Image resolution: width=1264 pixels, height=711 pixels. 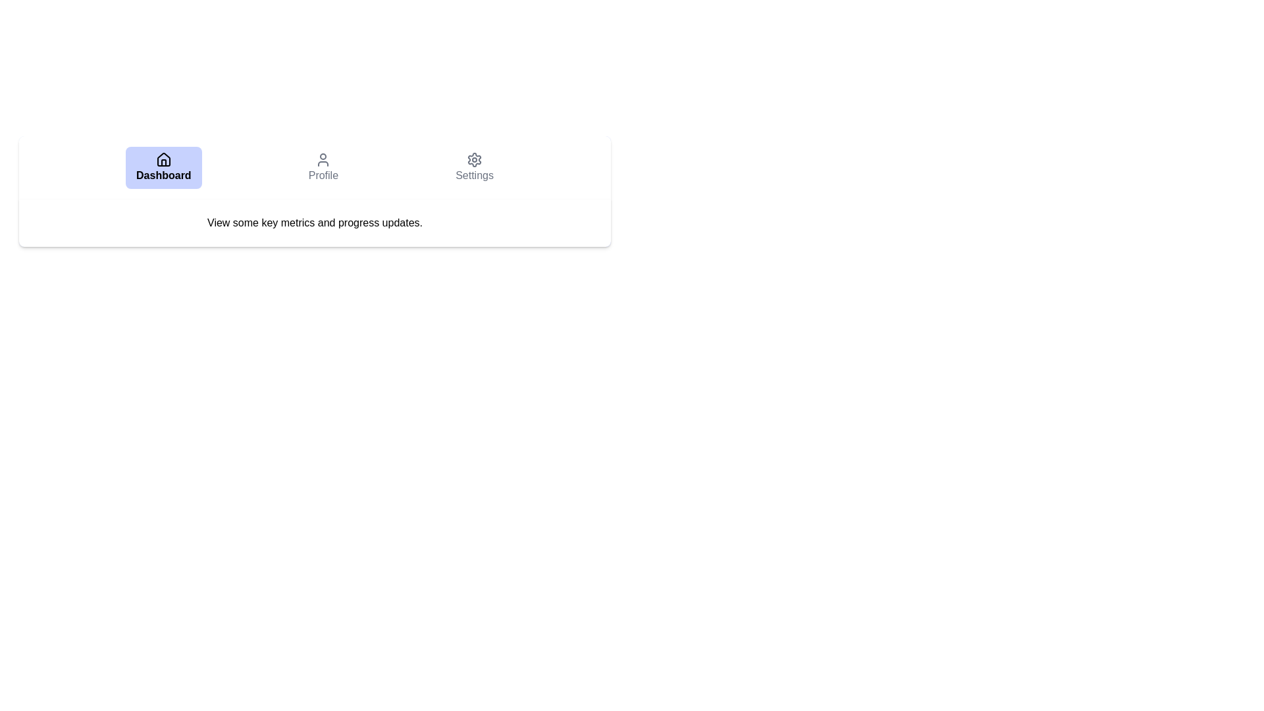 What do you see at coordinates (474, 167) in the screenshot?
I see `the Settings tab by clicking on its button` at bounding box center [474, 167].